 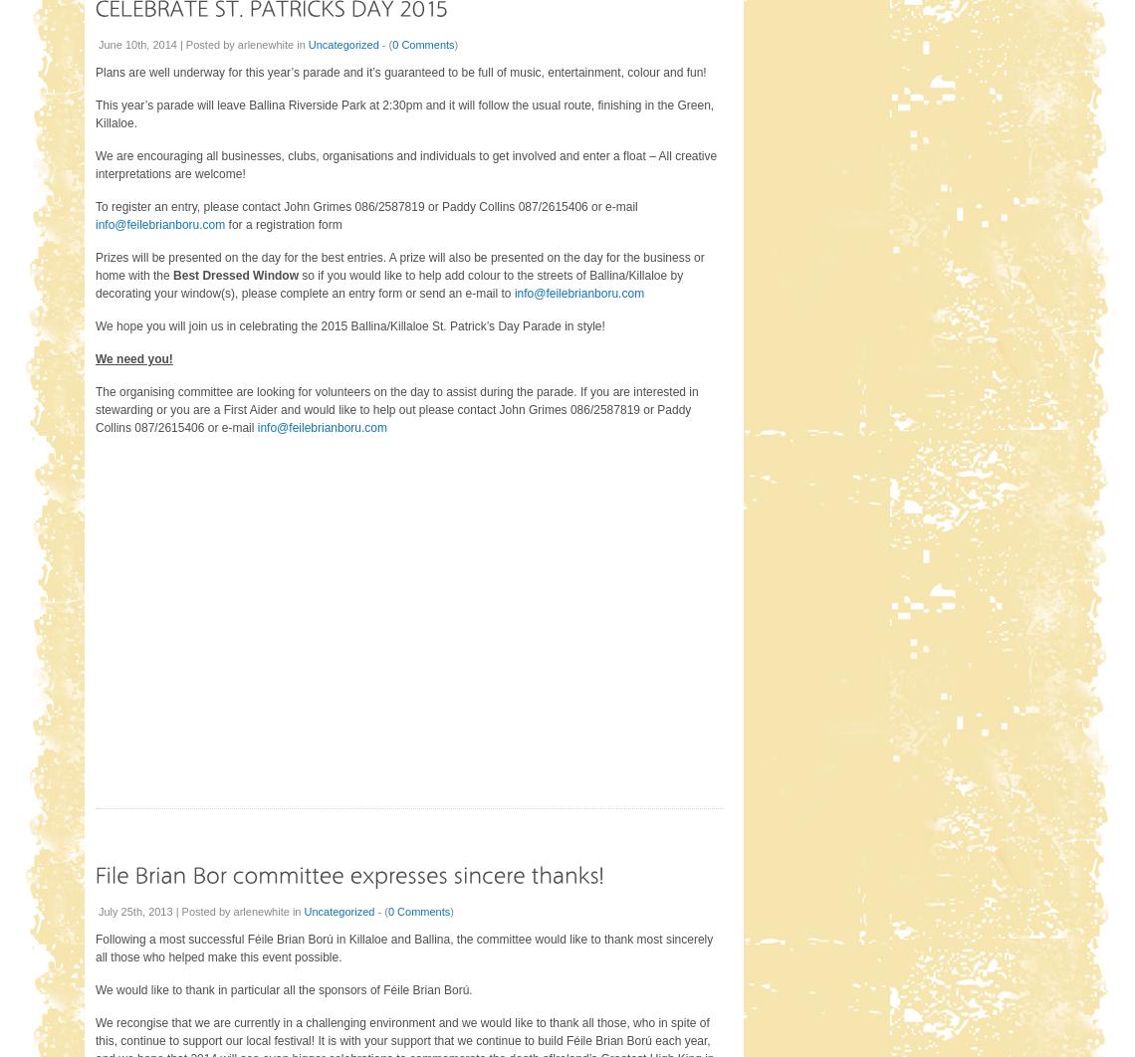 What do you see at coordinates (165, 910) in the screenshot?
I see `'July 25th, 2013 | Posted by'` at bounding box center [165, 910].